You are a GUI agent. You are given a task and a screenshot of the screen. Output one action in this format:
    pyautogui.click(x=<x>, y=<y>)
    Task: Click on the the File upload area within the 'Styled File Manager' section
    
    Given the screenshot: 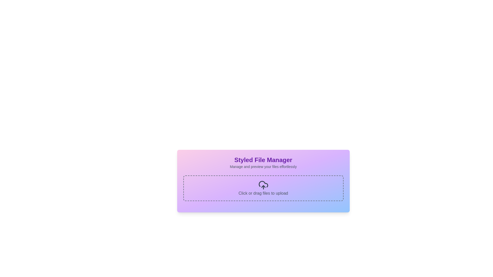 What is the action you would take?
    pyautogui.click(x=263, y=188)
    